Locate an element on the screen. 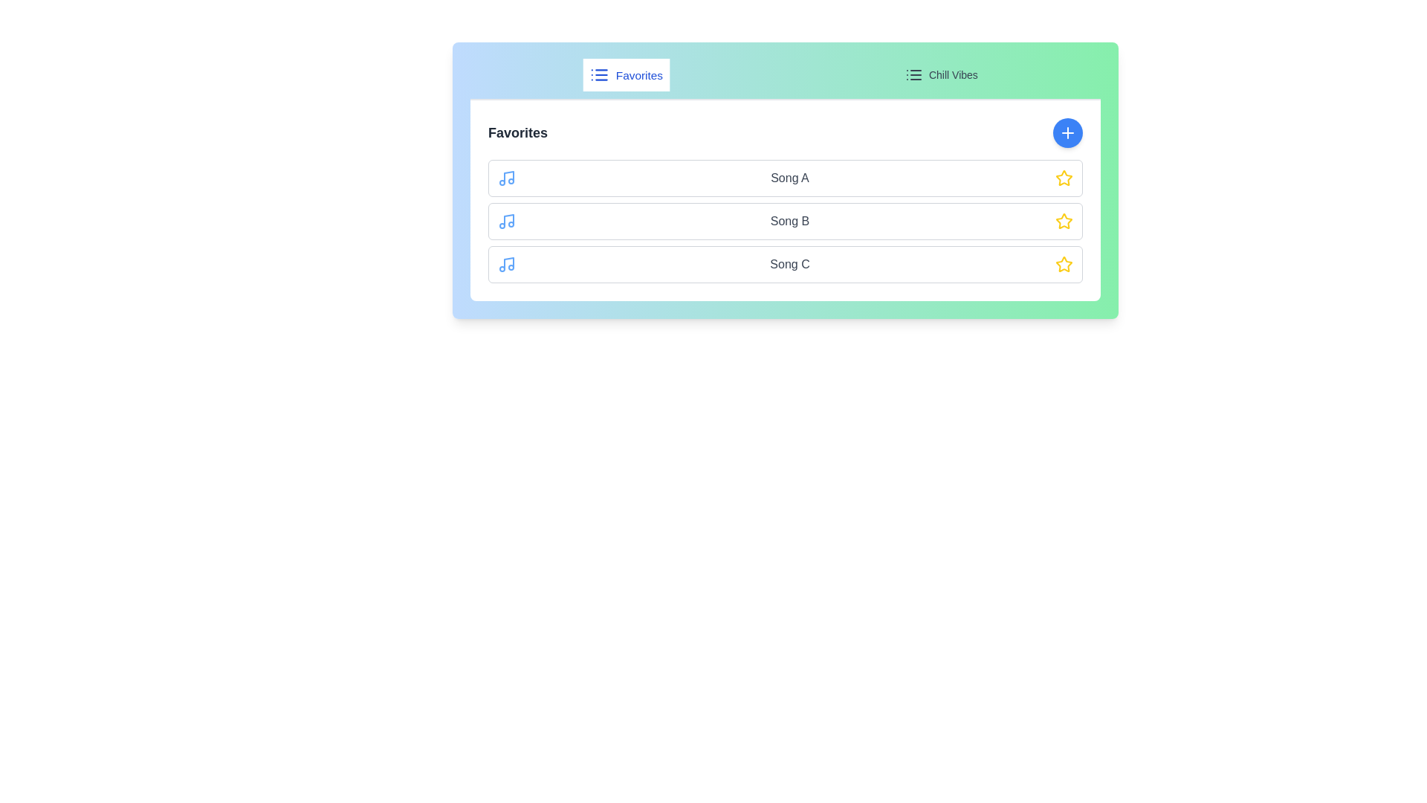 This screenshot has height=803, width=1427. the playlist Favorites is located at coordinates (626, 74).